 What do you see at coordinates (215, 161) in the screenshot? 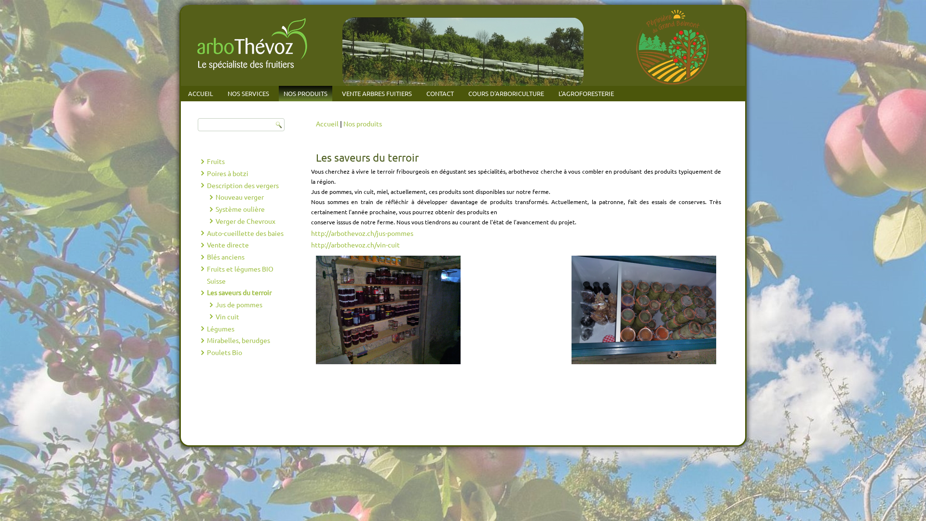
I see `'Fruits'` at bounding box center [215, 161].